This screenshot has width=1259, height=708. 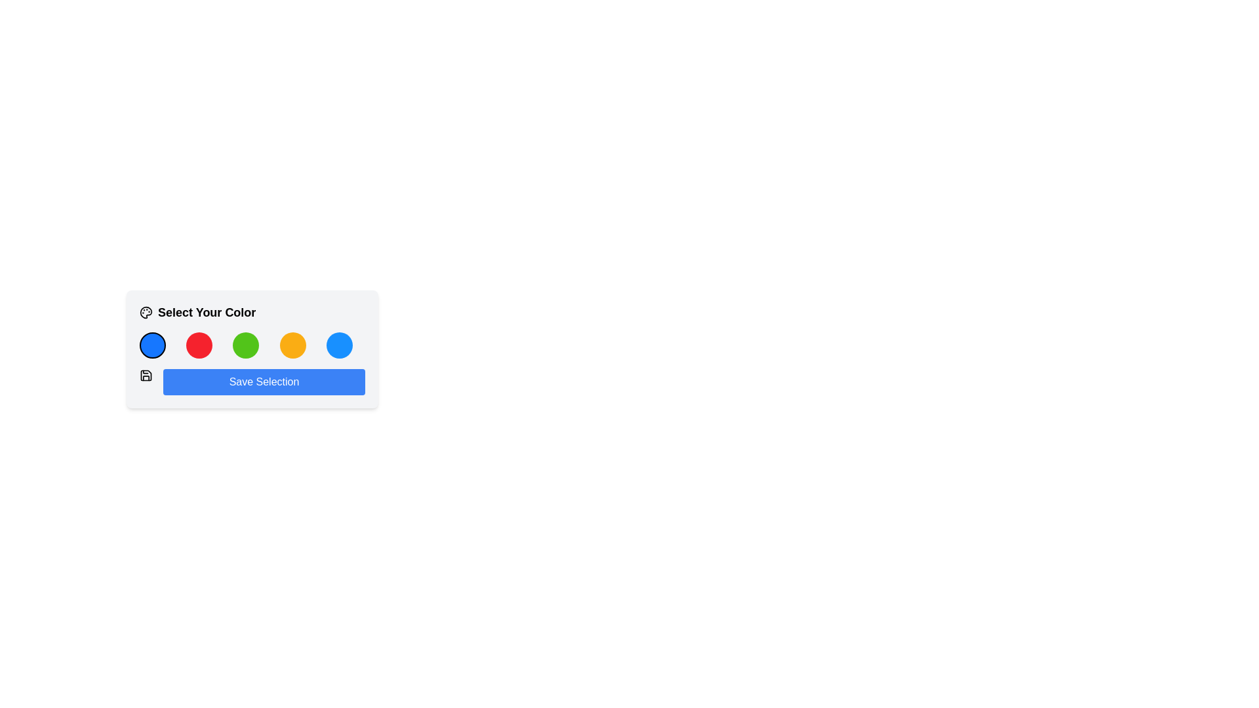 What do you see at coordinates (339, 345) in the screenshot?
I see `the fifth circular button, positioned at the far right of a horizontal set of five buttons, to trigger visual feedback` at bounding box center [339, 345].